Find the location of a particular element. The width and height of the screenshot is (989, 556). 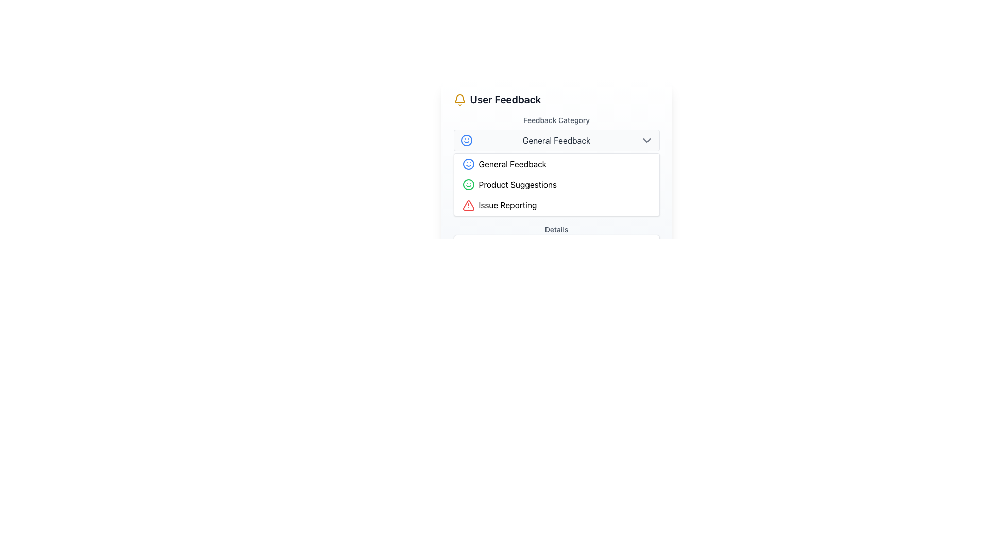

the second selectable option in the feedback category list, which is 'Product Suggestions' is located at coordinates (556, 184).